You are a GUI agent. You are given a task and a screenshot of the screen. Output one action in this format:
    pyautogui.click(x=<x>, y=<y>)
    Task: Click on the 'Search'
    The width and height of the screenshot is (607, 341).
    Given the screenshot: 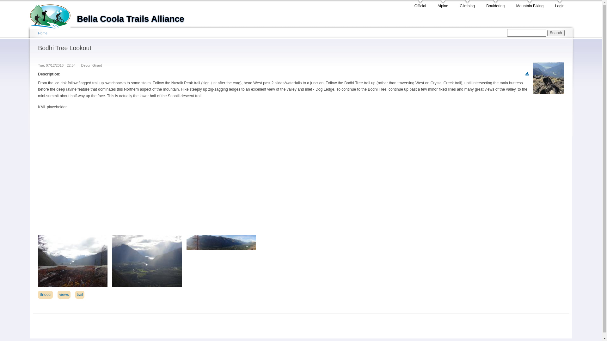 What is the action you would take?
    pyautogui.click(x=555, y=33)
    